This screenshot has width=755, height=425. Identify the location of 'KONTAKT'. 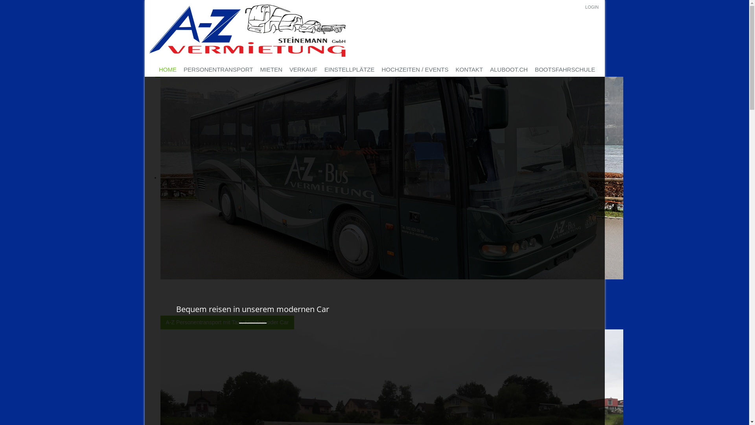
(470, 69).